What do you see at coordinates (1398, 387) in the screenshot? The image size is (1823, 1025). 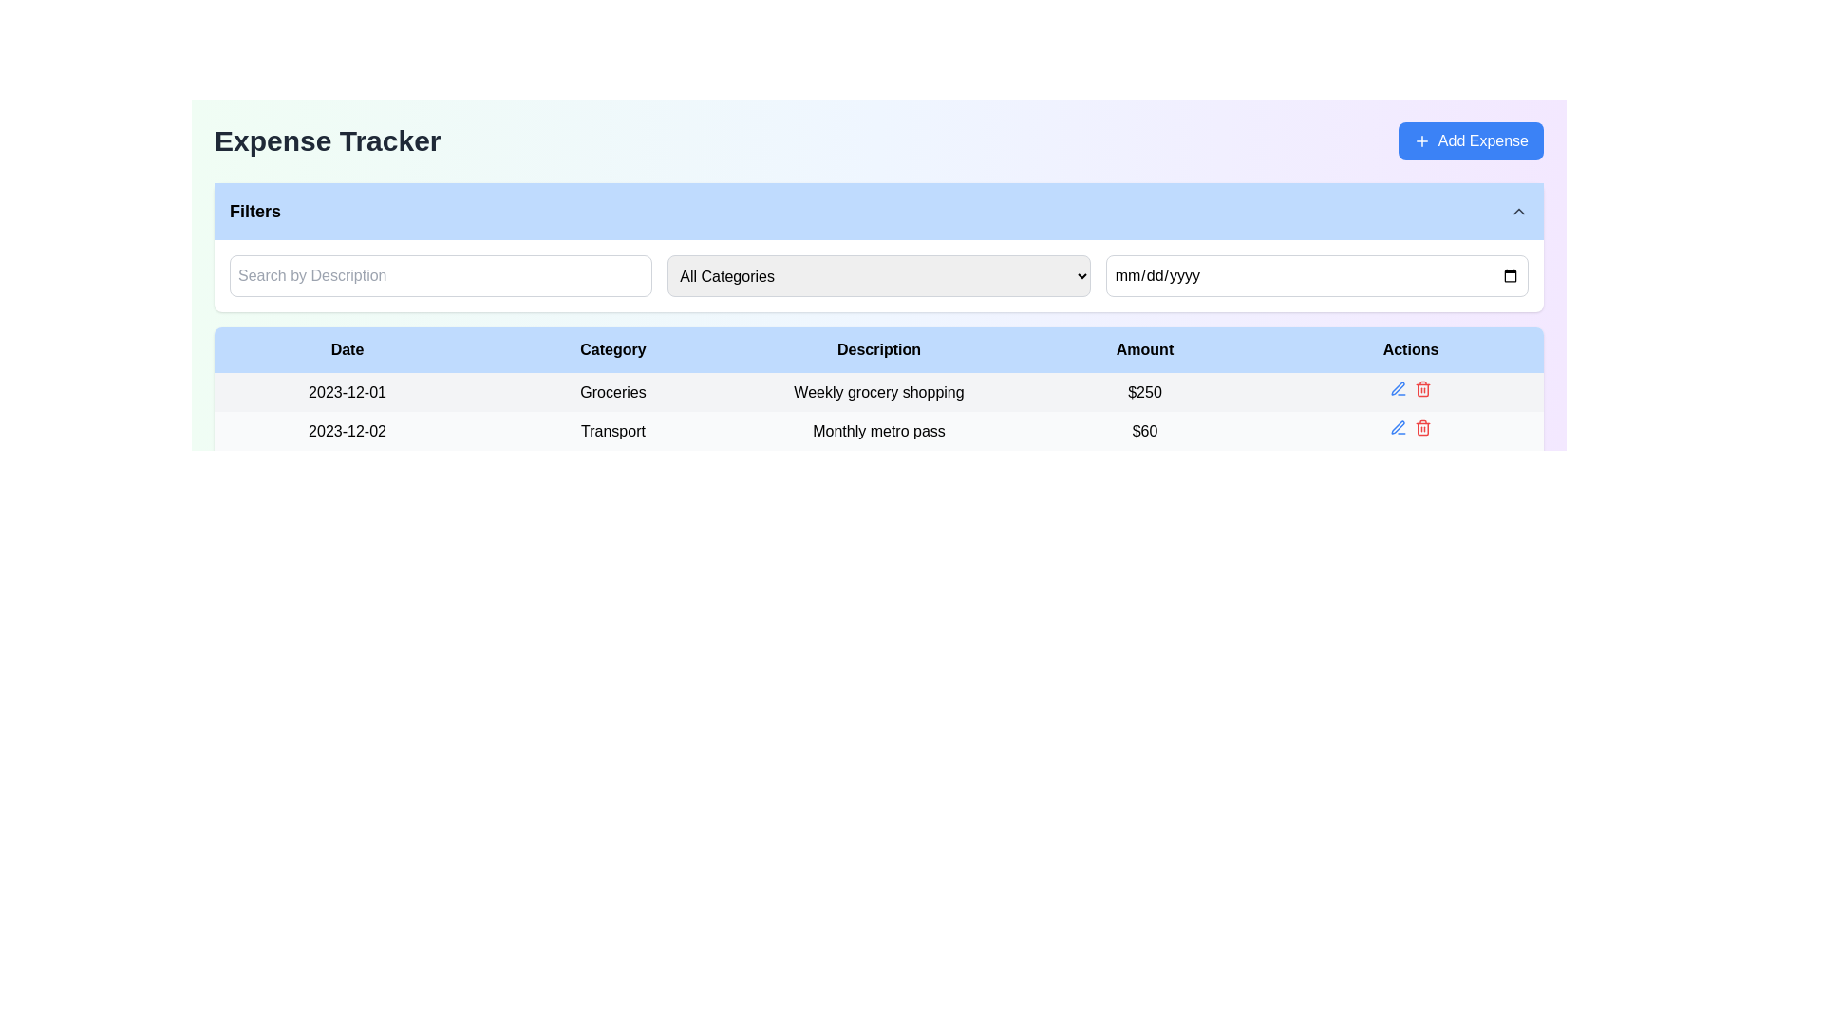 I see `the edit button icon located in the 'Actions' column of the second row of the table` at bounding box center [1398, 387].